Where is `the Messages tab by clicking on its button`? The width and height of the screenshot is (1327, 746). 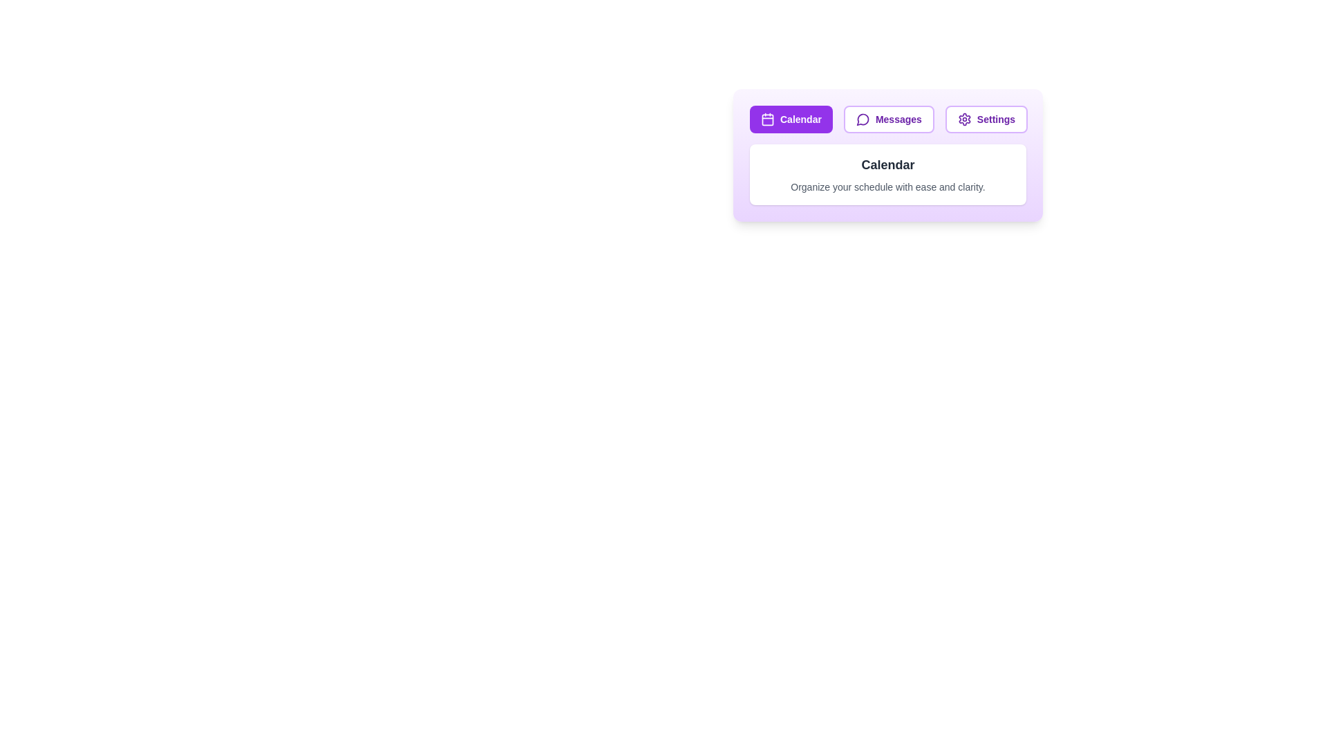 the Messages tab by clicking on its button is located at coordinates (889, 119).